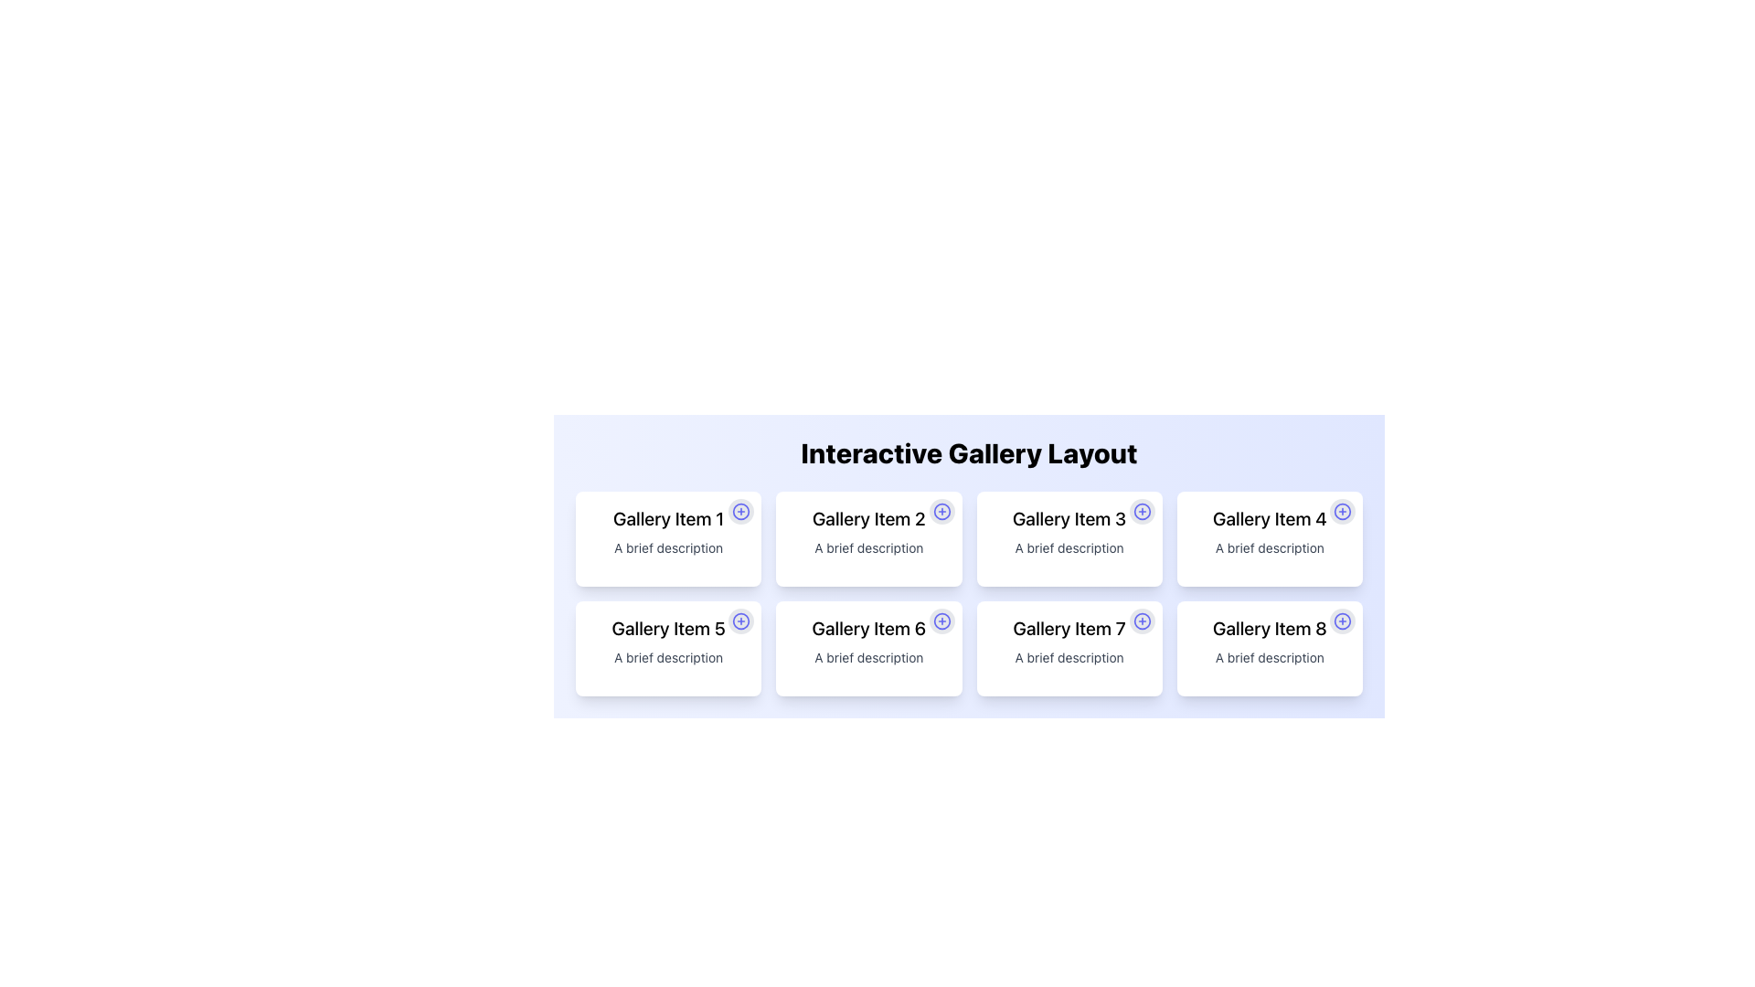 The width and height of the screenshot is (1755, 987). What do you see at coordinates (1342, 511) in the screenshot?
I see `the circular icon button located at the top-right corner of the card labeled 'Gallery Item 4' to interact with it` at bounding box center [1342, 511].